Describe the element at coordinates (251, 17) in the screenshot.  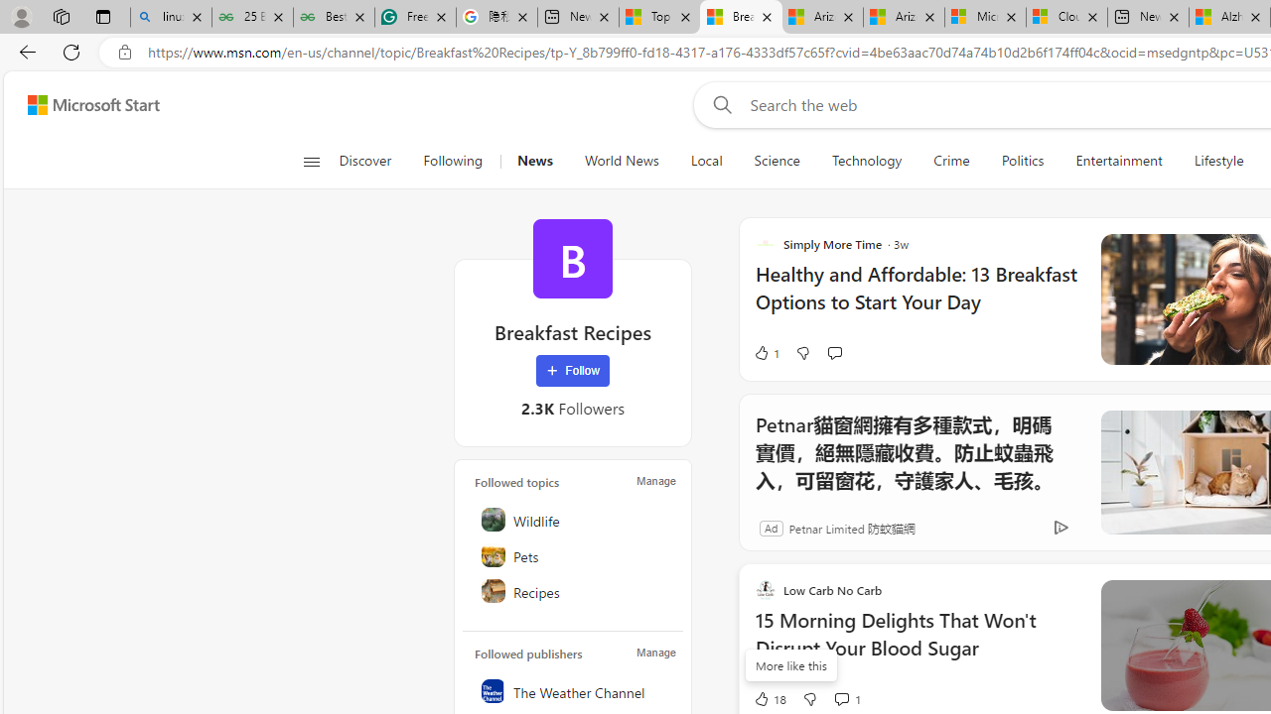
I see `'25 Basic Linux Commands For Beginners - GeeksforGeeks'` at that location.